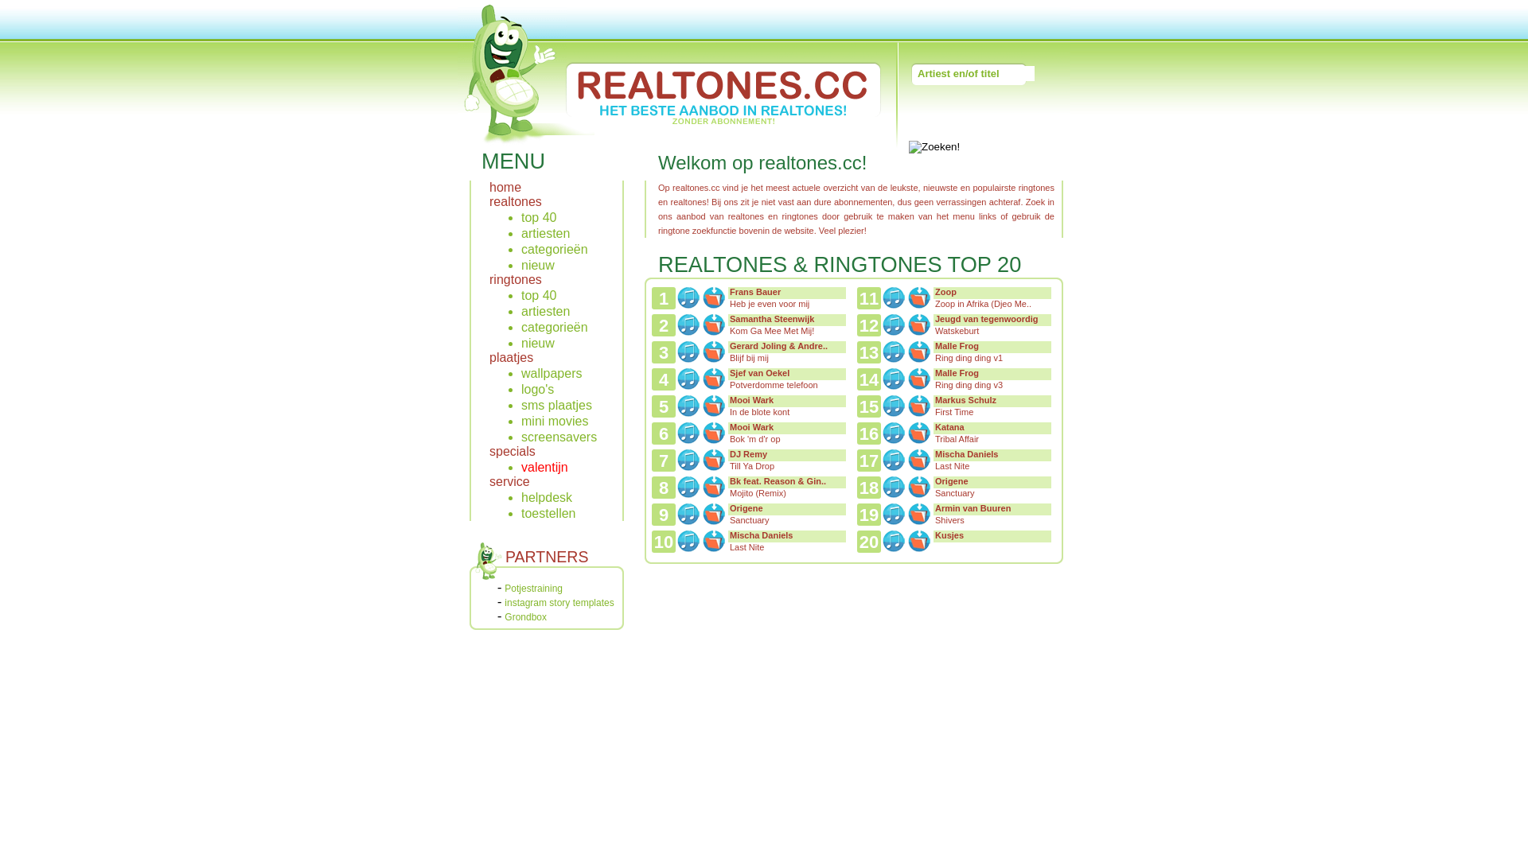 The height and width of the screenshot is (859, 1528). I want to click on 'realtones', so click(488, 200).